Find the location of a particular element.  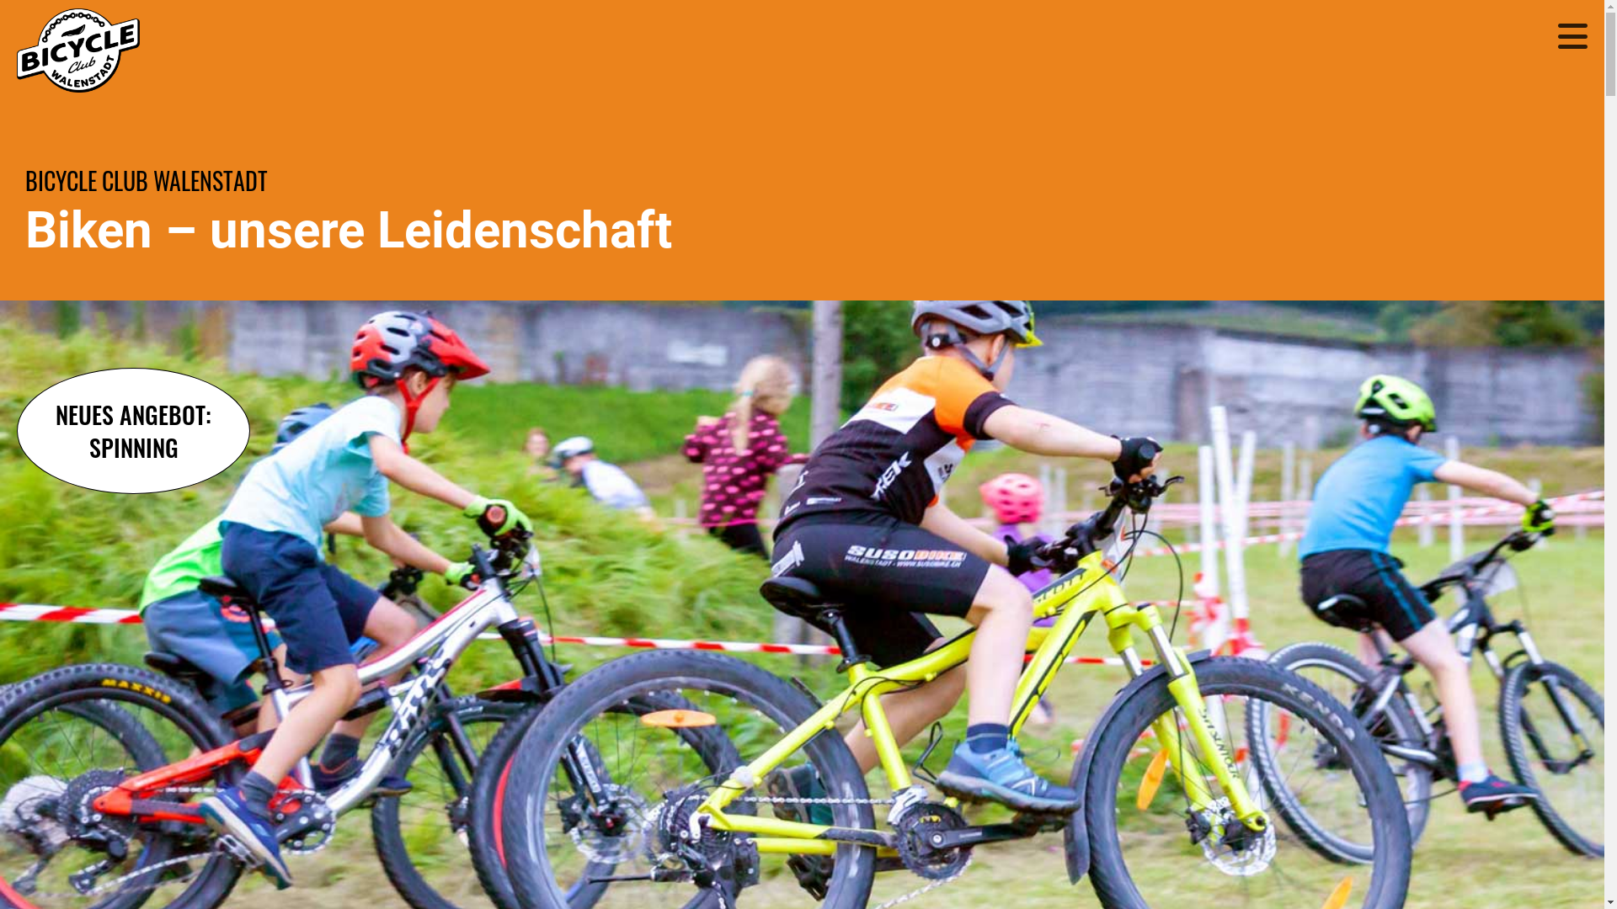

'NEUES ANGEBOT: is located at coordinates (16, 430).